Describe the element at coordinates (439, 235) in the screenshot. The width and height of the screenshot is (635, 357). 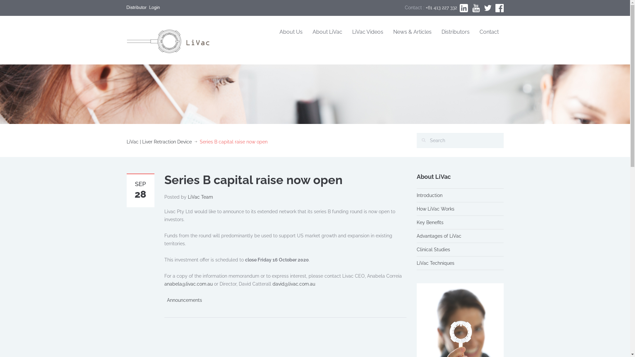
I see `'Advantages of LiVac'` at that location.